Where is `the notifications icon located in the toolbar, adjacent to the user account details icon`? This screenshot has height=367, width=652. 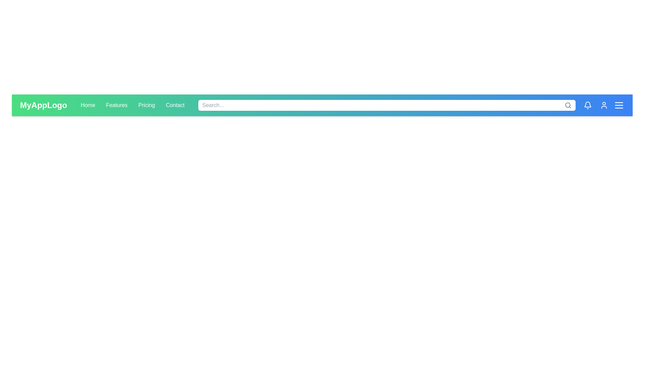
the notifications icon located in the toolbar, adjacent to the user account details icon is located at coordinates (587, 104).